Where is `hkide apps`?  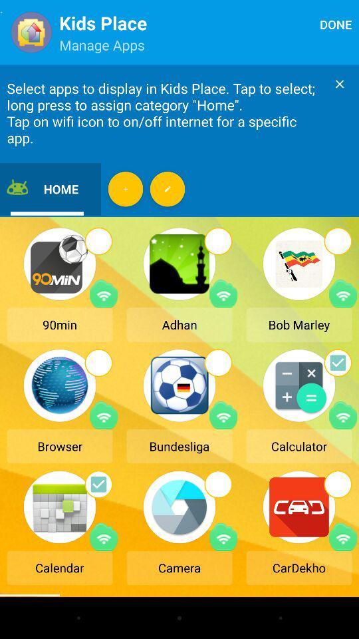 hkide apps is located at coordinates (168, 188).